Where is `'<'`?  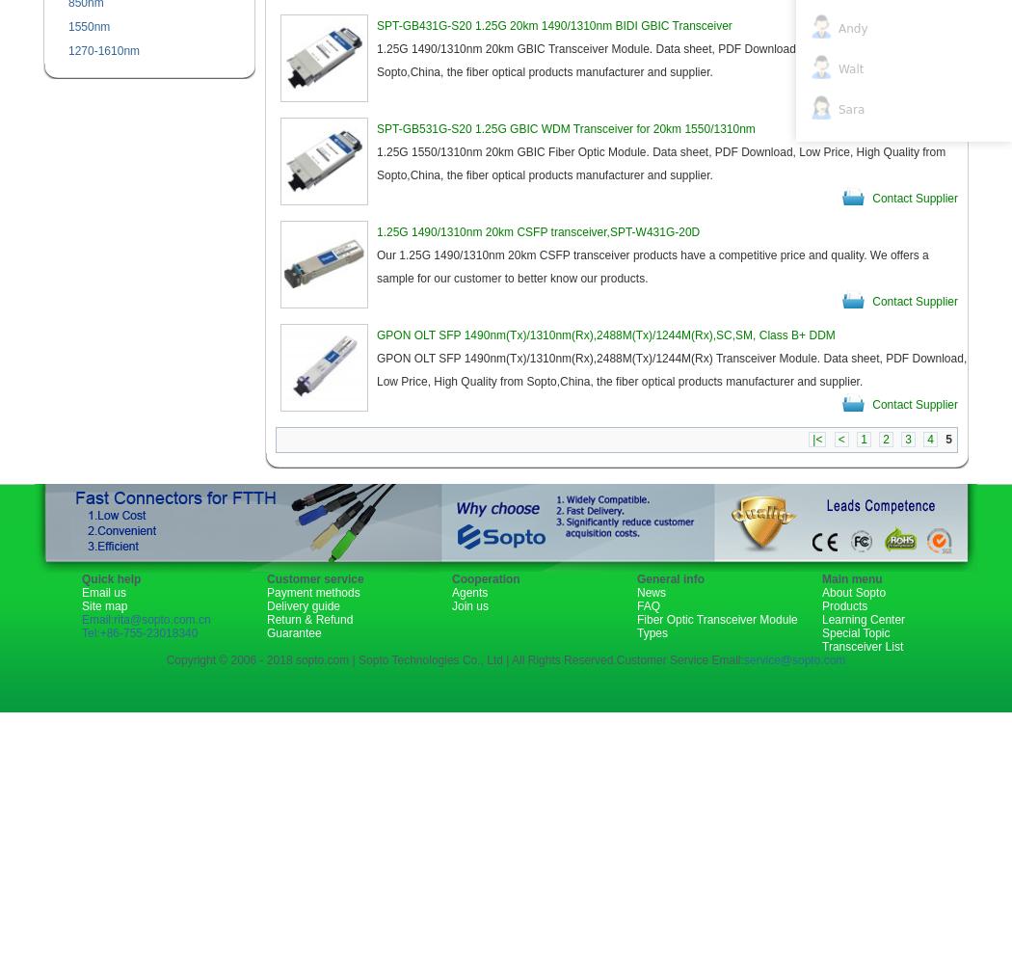 '<' is located at coordinates (839, 439).